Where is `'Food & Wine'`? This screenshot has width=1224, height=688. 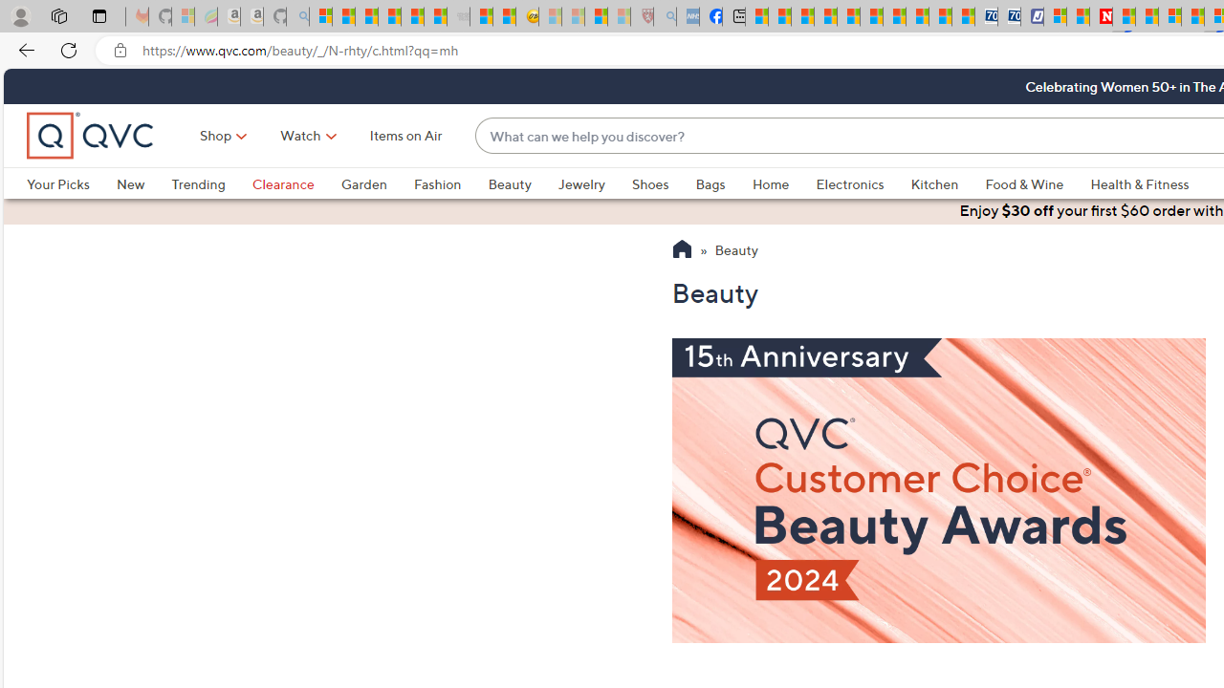 'Food & Wine' is located at coordinates (1037, 183).